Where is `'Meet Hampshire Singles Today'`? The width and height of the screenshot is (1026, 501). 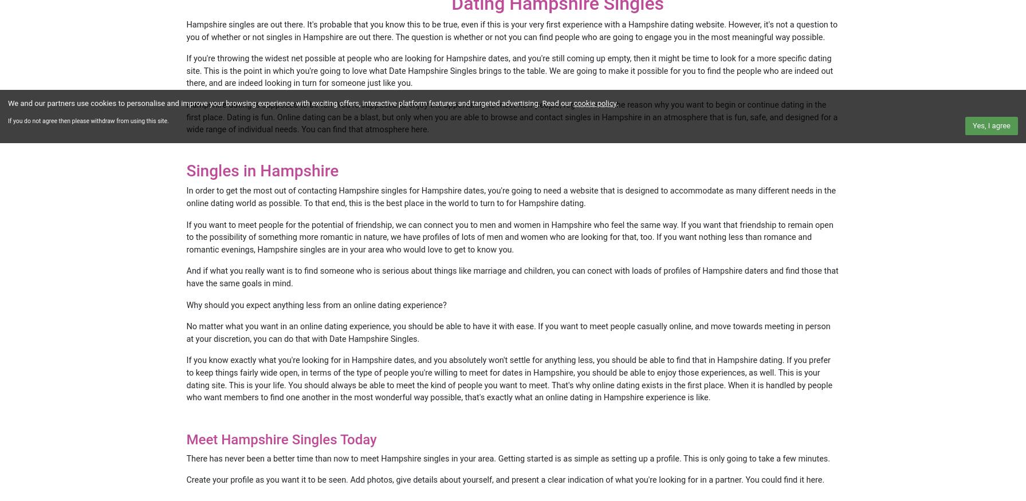 'Meet Hampshire Singles Today' is located at coordinates (281, 439).